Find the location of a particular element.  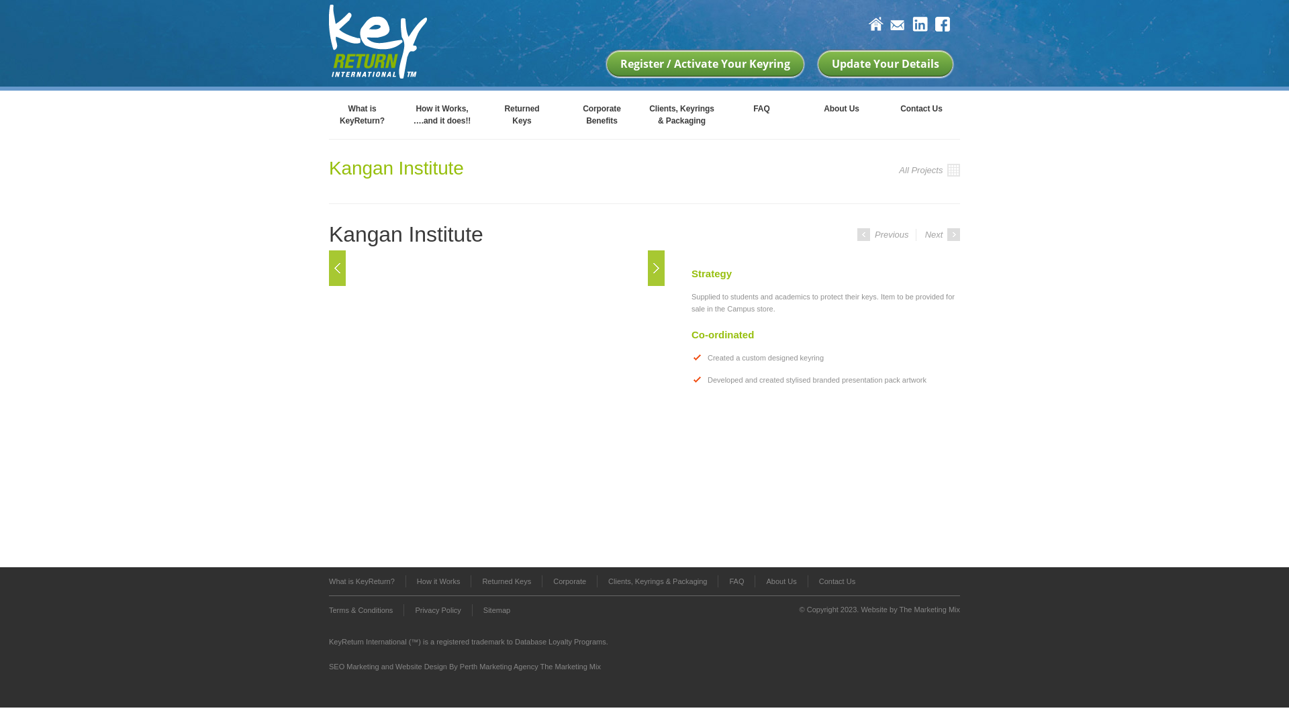

'Corporate is located at coordinates (561, 112).